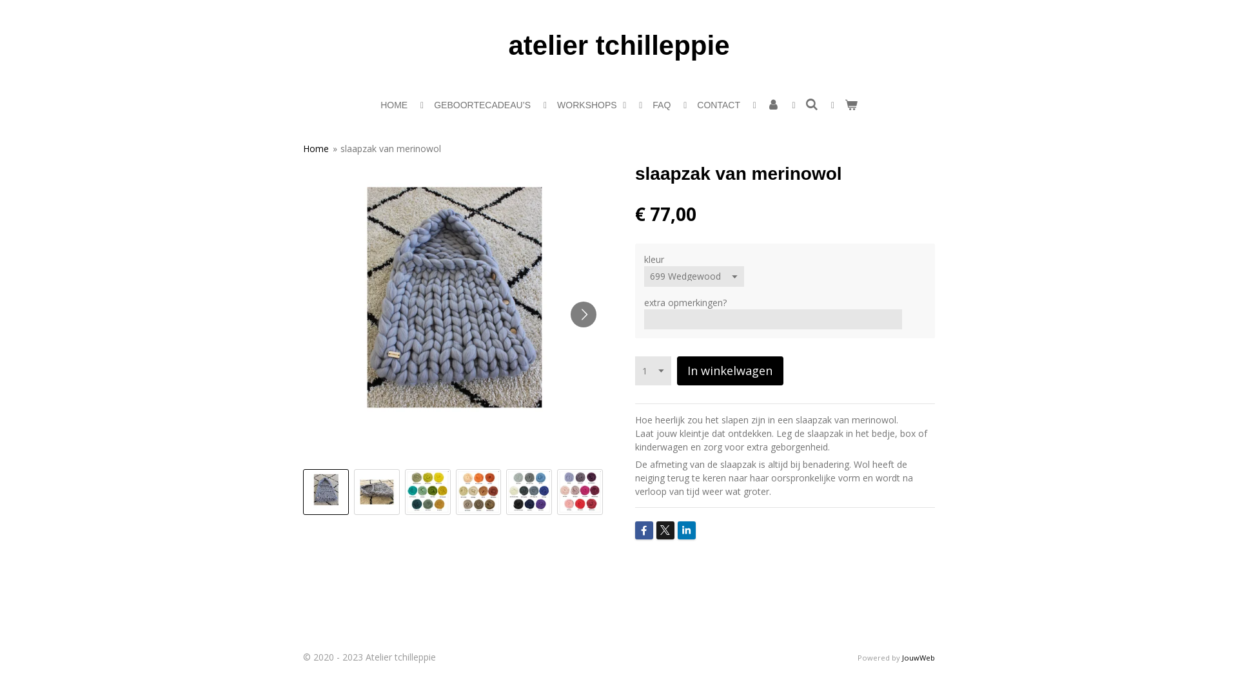  I want to click on 'Account', so click(773, 104).